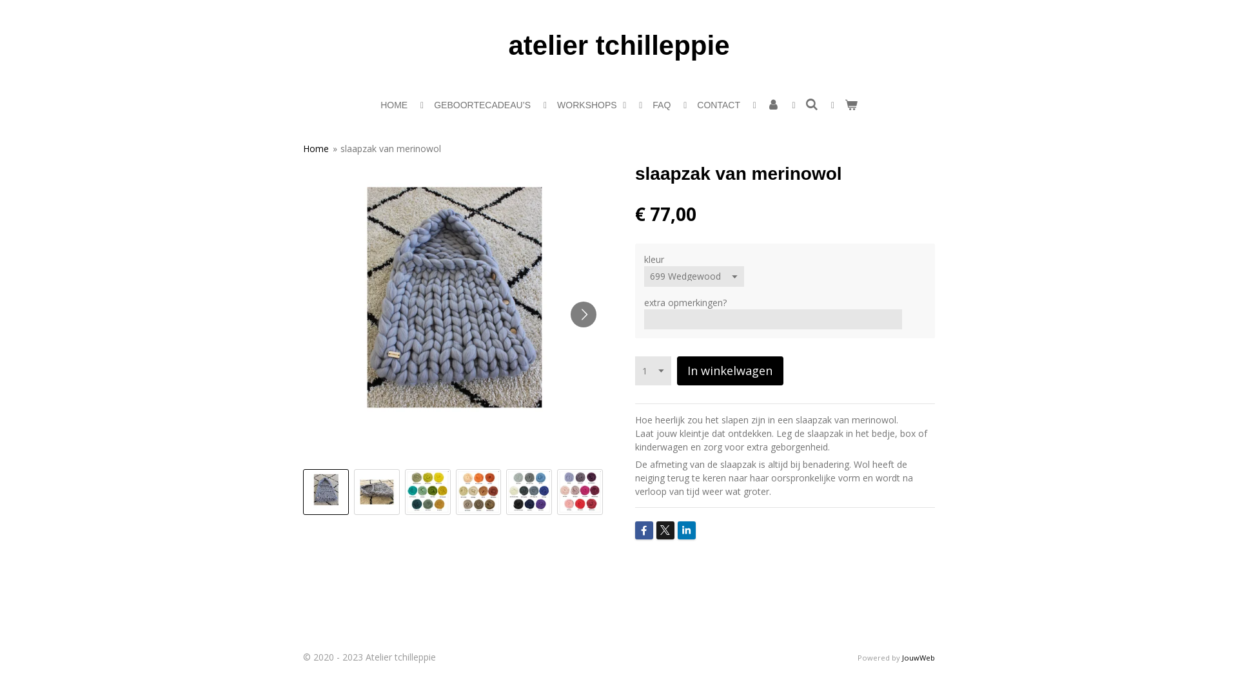  I want to click on 'Account', so click(773, 104).